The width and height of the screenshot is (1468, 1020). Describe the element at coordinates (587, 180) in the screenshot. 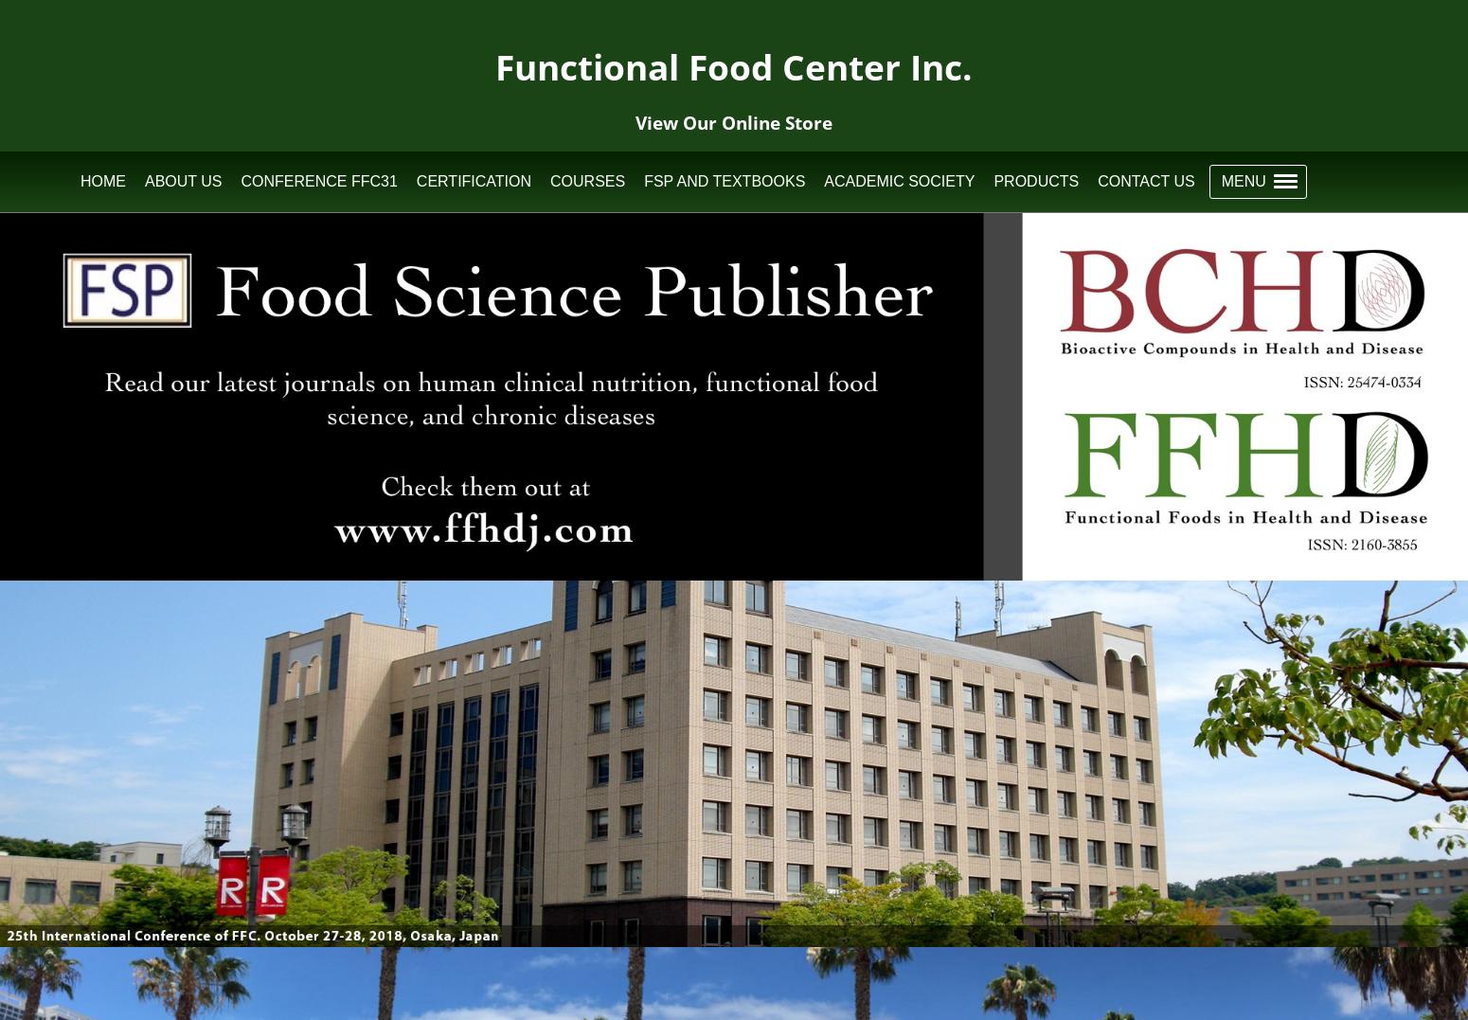

I see `'Courses'` at that location.